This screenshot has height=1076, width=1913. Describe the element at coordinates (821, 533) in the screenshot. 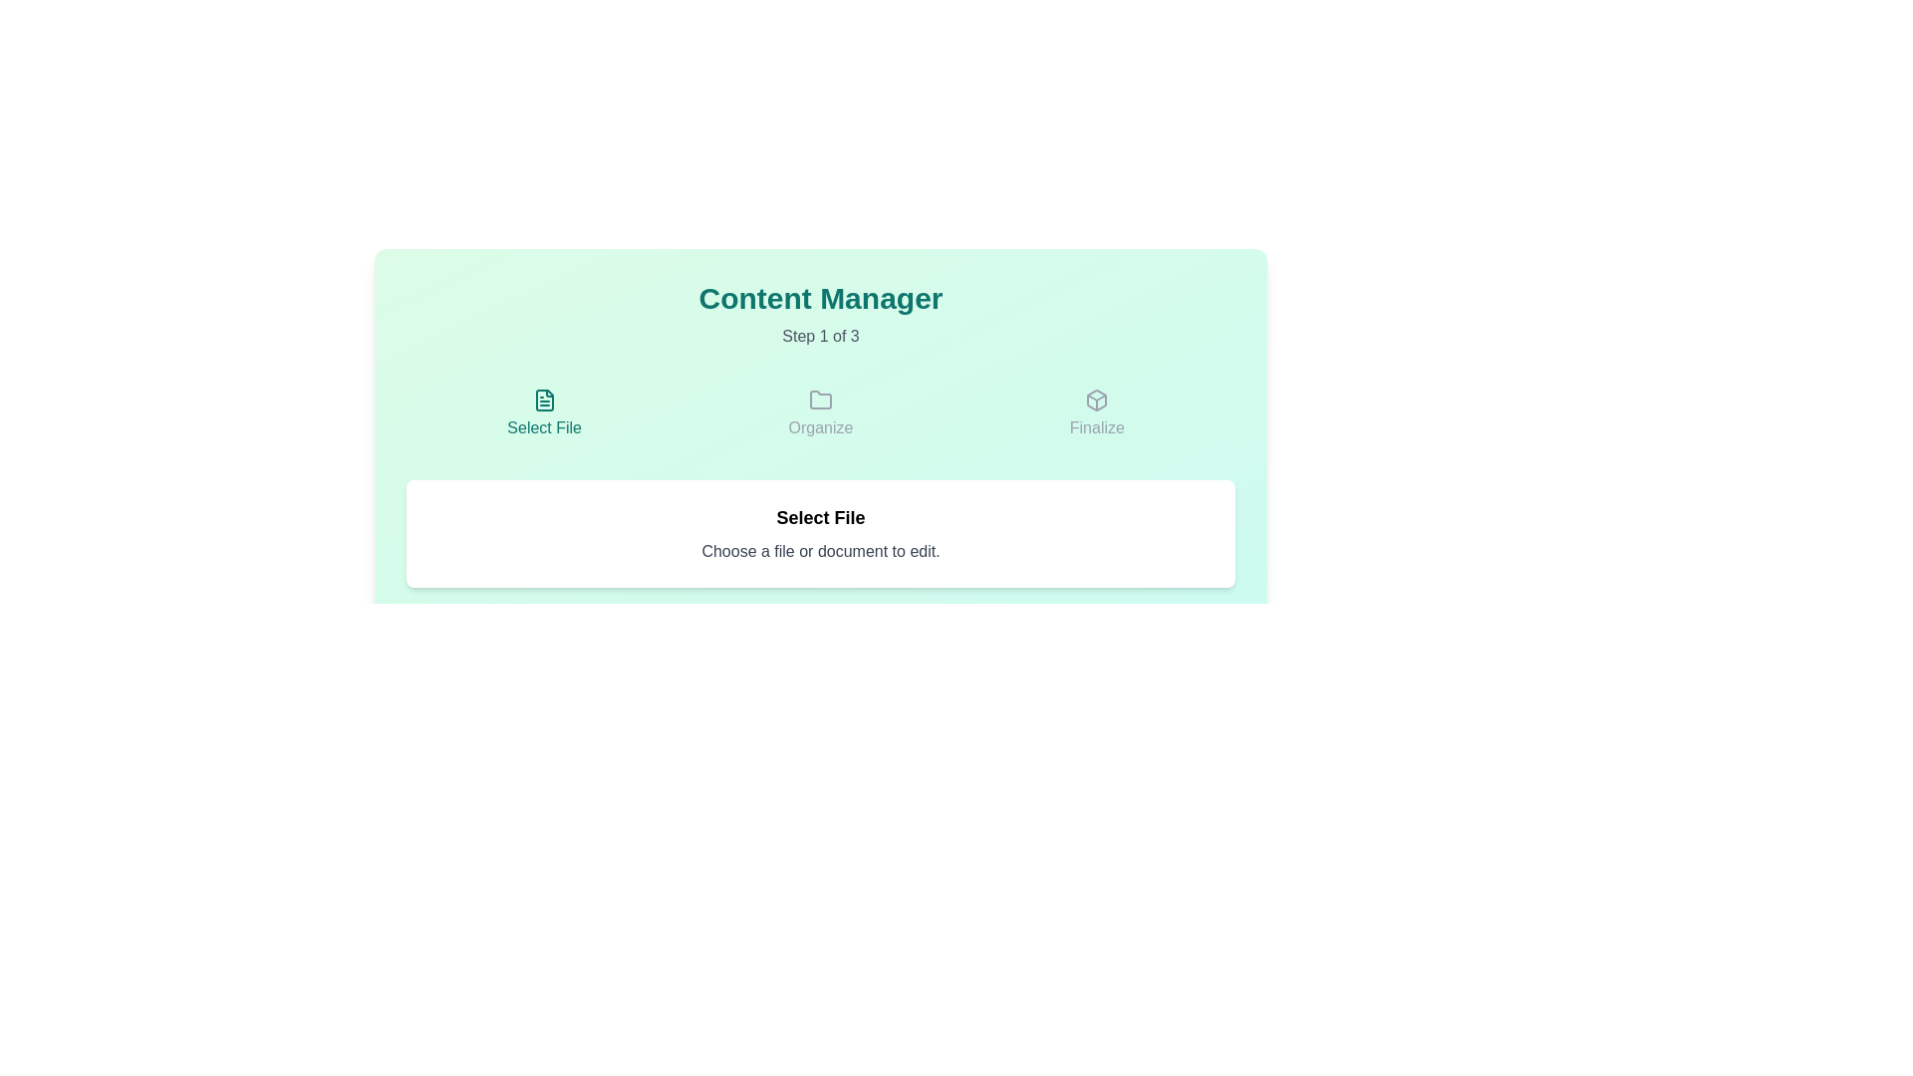

I see `the informative Label styled as a card that instructs the user to select a file for editing, located centrally in the interface` at that location.